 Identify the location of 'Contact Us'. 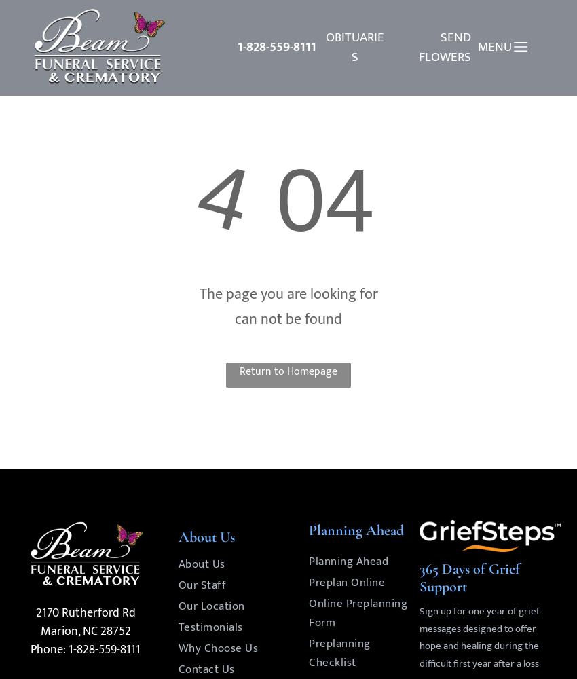
(206, 668).